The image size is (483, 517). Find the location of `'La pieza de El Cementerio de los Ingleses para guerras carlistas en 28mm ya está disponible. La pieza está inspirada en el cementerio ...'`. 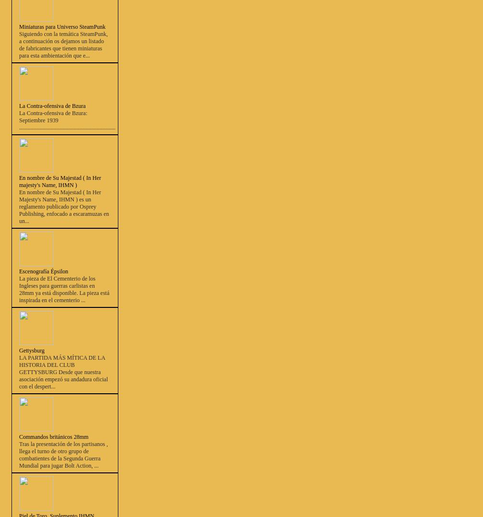

'La pieza de El Cementerio de los Ingleses para guerras carlistas en 28mm ya está disponible. La pieza está inspirada en el cementerio ...' is located at coordinates (64, 289).